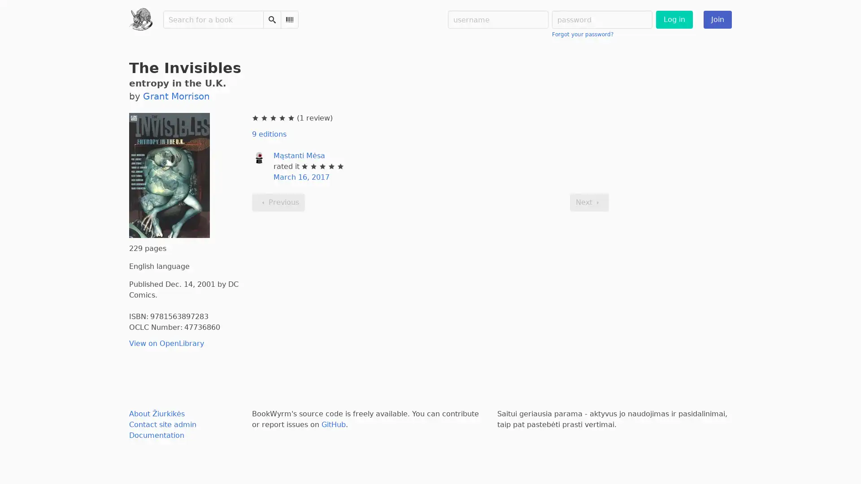 The height and width of the screenshot is (484, 861). I want to click on Log in, so click(674, 19).